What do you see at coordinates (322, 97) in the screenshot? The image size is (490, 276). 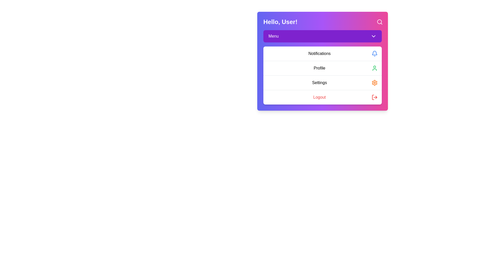 I see `the 'Logout' option to log out` at bounding box center [322, 97].